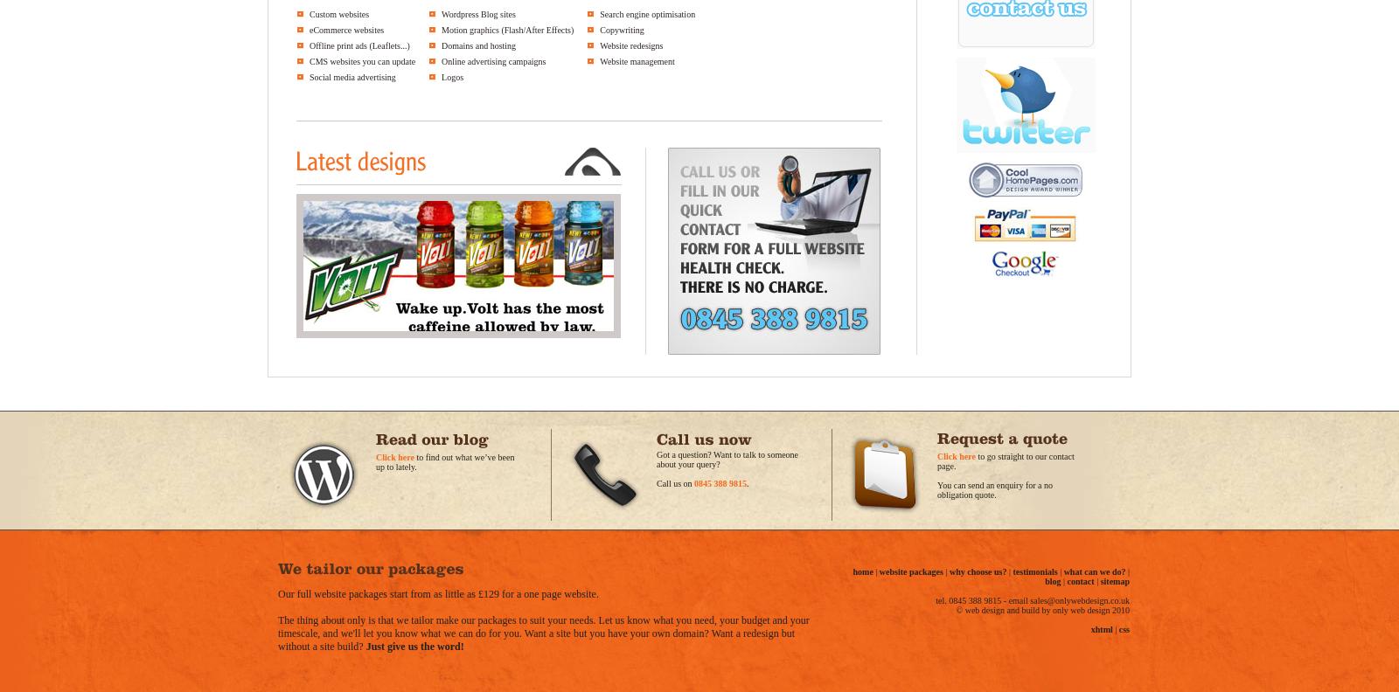 The image size is (1399, 692). Describe the element at coordinates (637, 61) in the screenshot. I see `'Website management'` at that location.